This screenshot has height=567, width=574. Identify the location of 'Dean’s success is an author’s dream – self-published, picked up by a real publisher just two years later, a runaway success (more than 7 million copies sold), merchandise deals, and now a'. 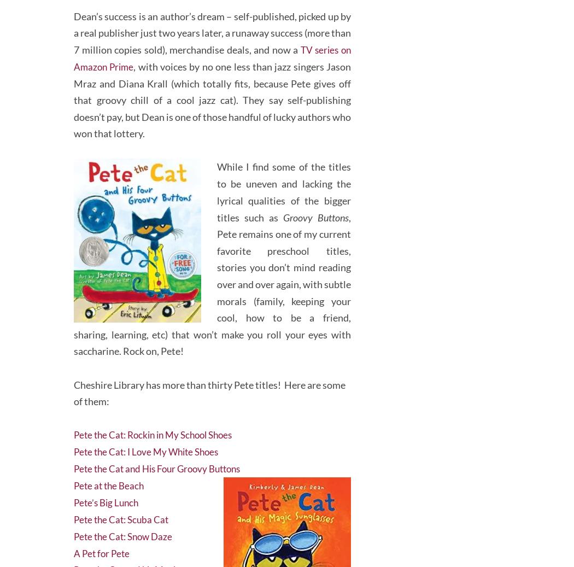
(212, 26).